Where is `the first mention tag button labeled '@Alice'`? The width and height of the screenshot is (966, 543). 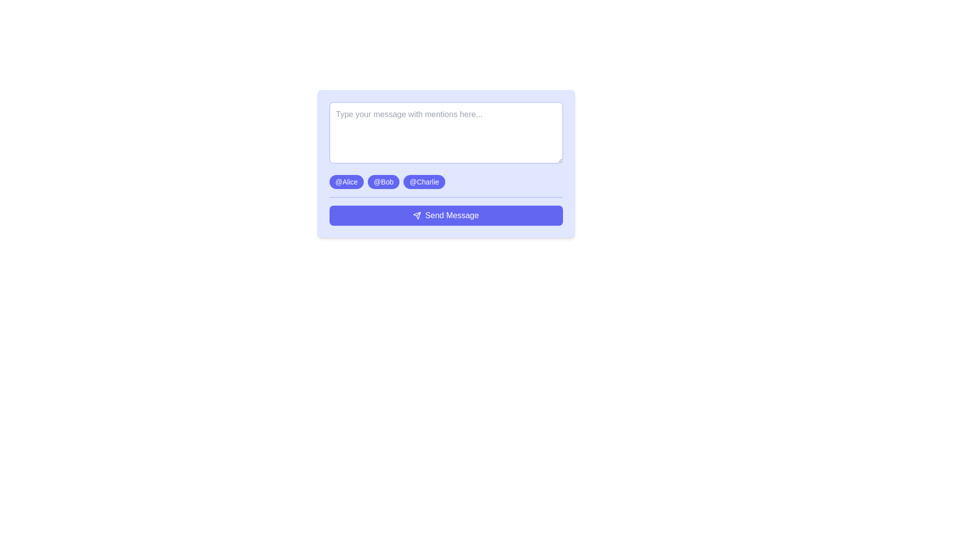 the first mention tag button labeled '@Alice' is located at coordinates (346, 182).